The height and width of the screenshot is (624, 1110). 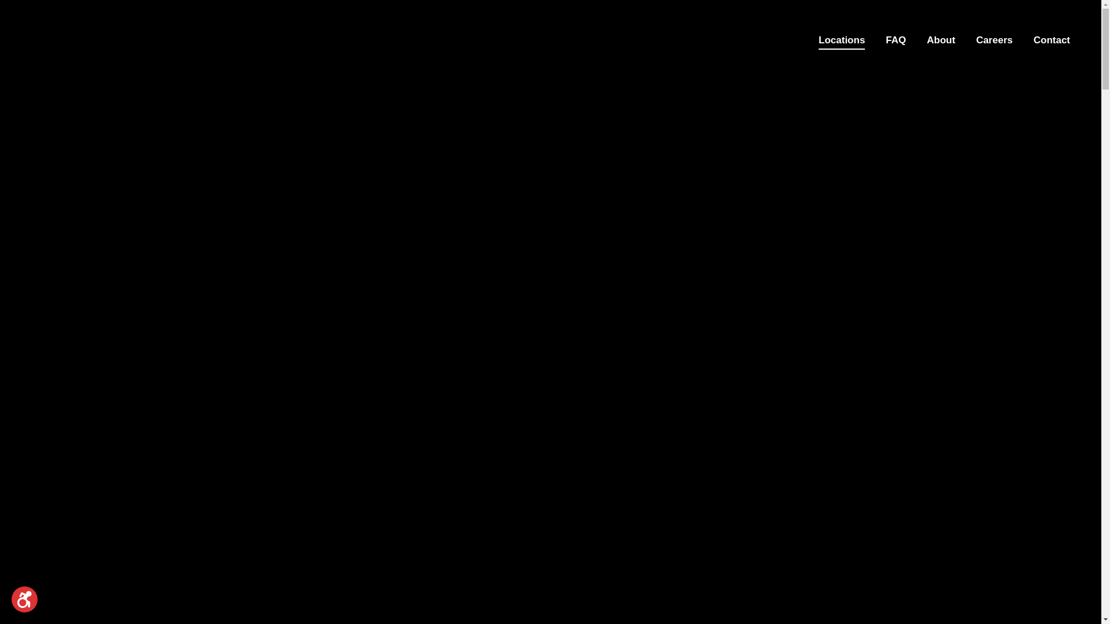 I want to click on 'FAQ', so click(x=895, y=39).